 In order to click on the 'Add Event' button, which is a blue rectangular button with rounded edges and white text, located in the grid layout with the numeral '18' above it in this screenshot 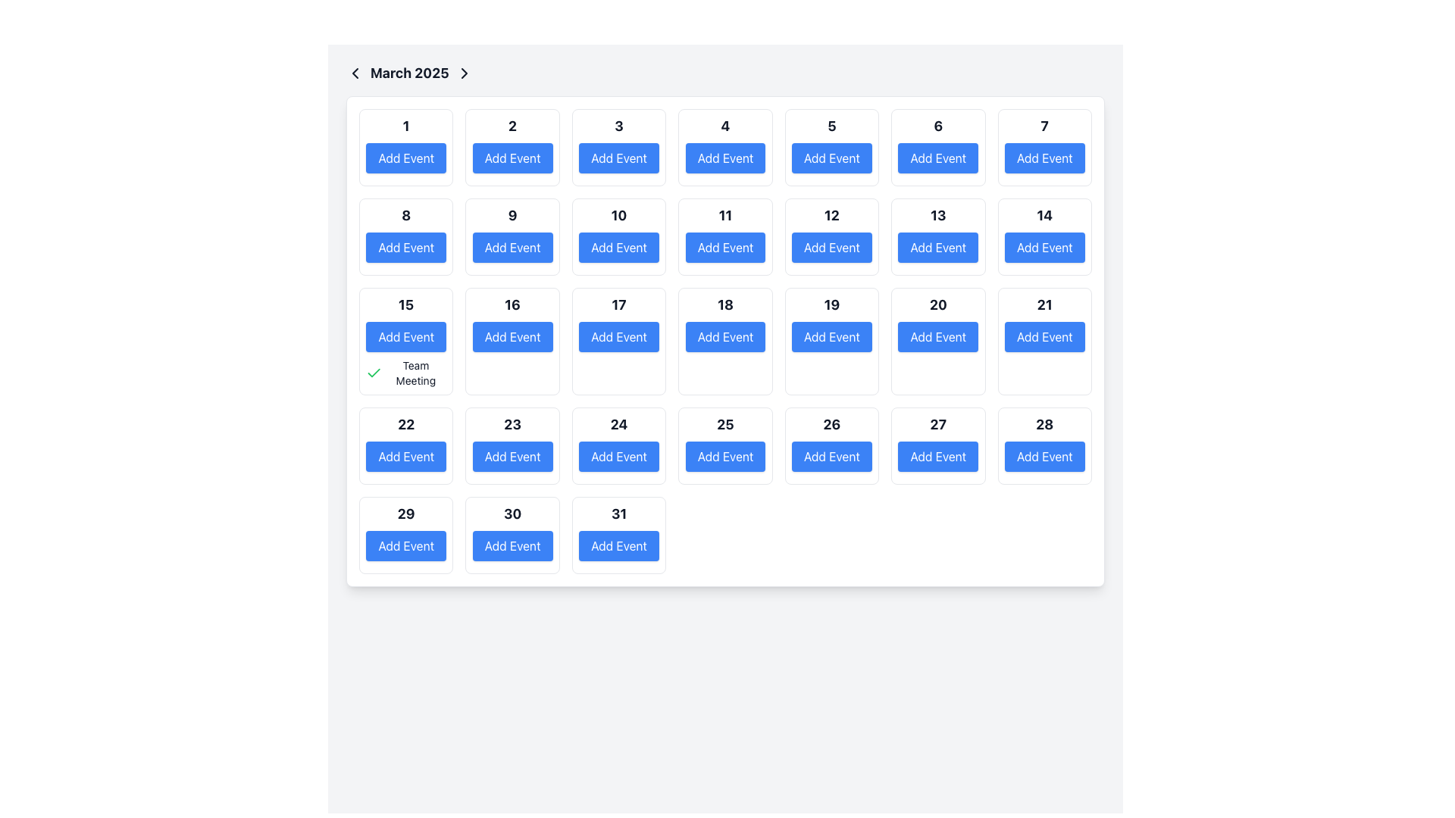, I will do `click(724, 342)`.